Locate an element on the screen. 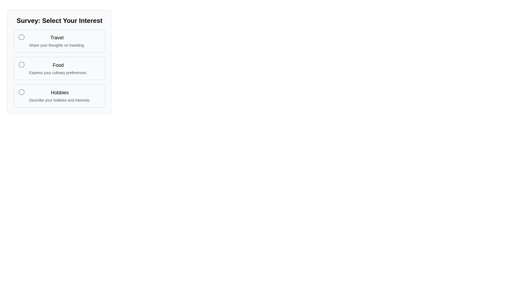 This screenshot has height=291, width=518. header text labeled 'Food' which is formatted in bold and larger font, positioned above the descriptive text in a vertical list is located at coordinates (58, 65).